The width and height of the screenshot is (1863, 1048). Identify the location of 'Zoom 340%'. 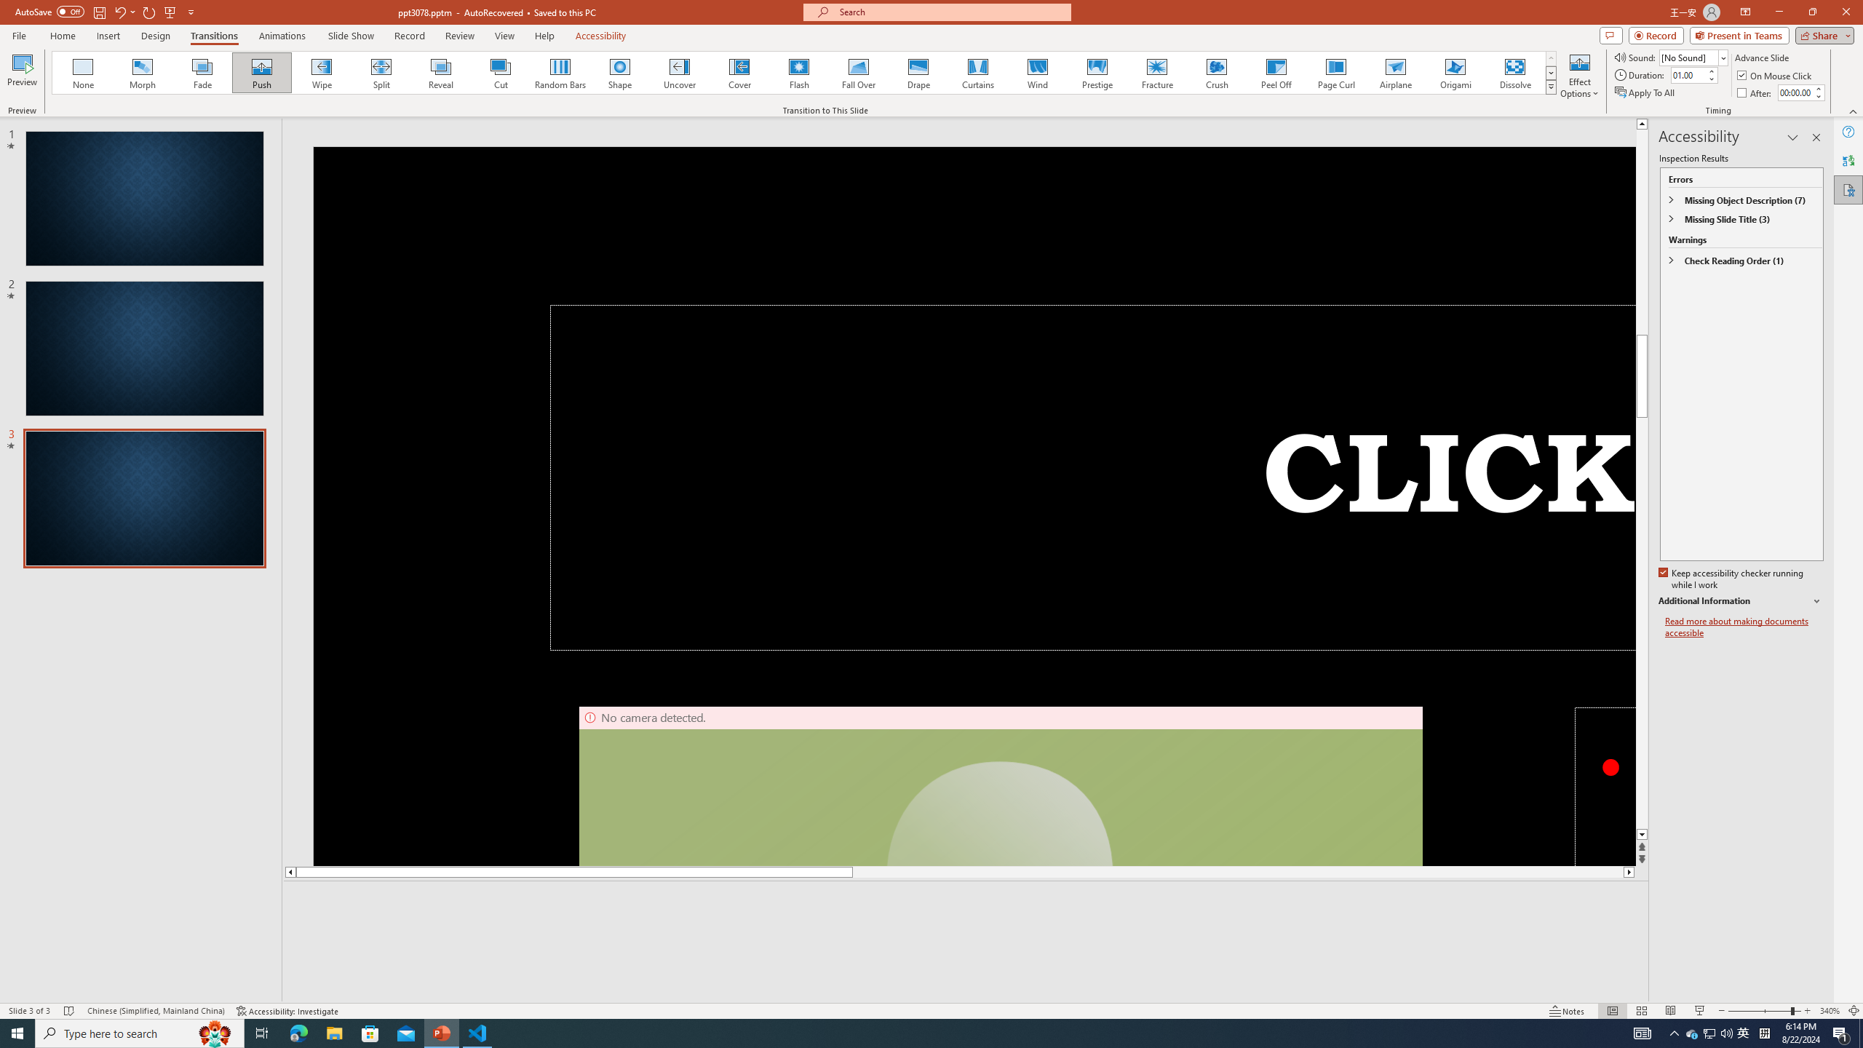
(1830, 1011).